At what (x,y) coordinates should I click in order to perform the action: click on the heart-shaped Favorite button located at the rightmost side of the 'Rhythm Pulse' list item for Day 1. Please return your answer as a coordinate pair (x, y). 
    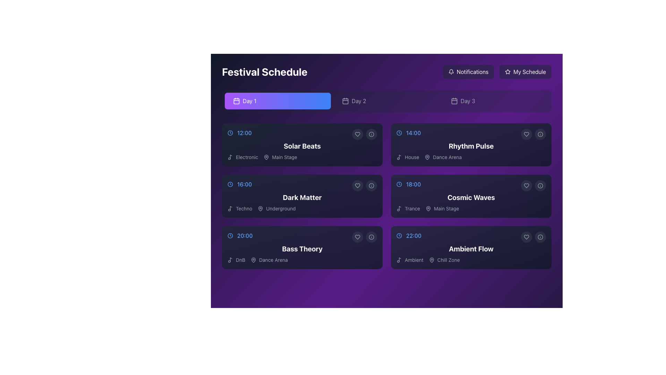
    Looking at the image, I should click on (526, 134).